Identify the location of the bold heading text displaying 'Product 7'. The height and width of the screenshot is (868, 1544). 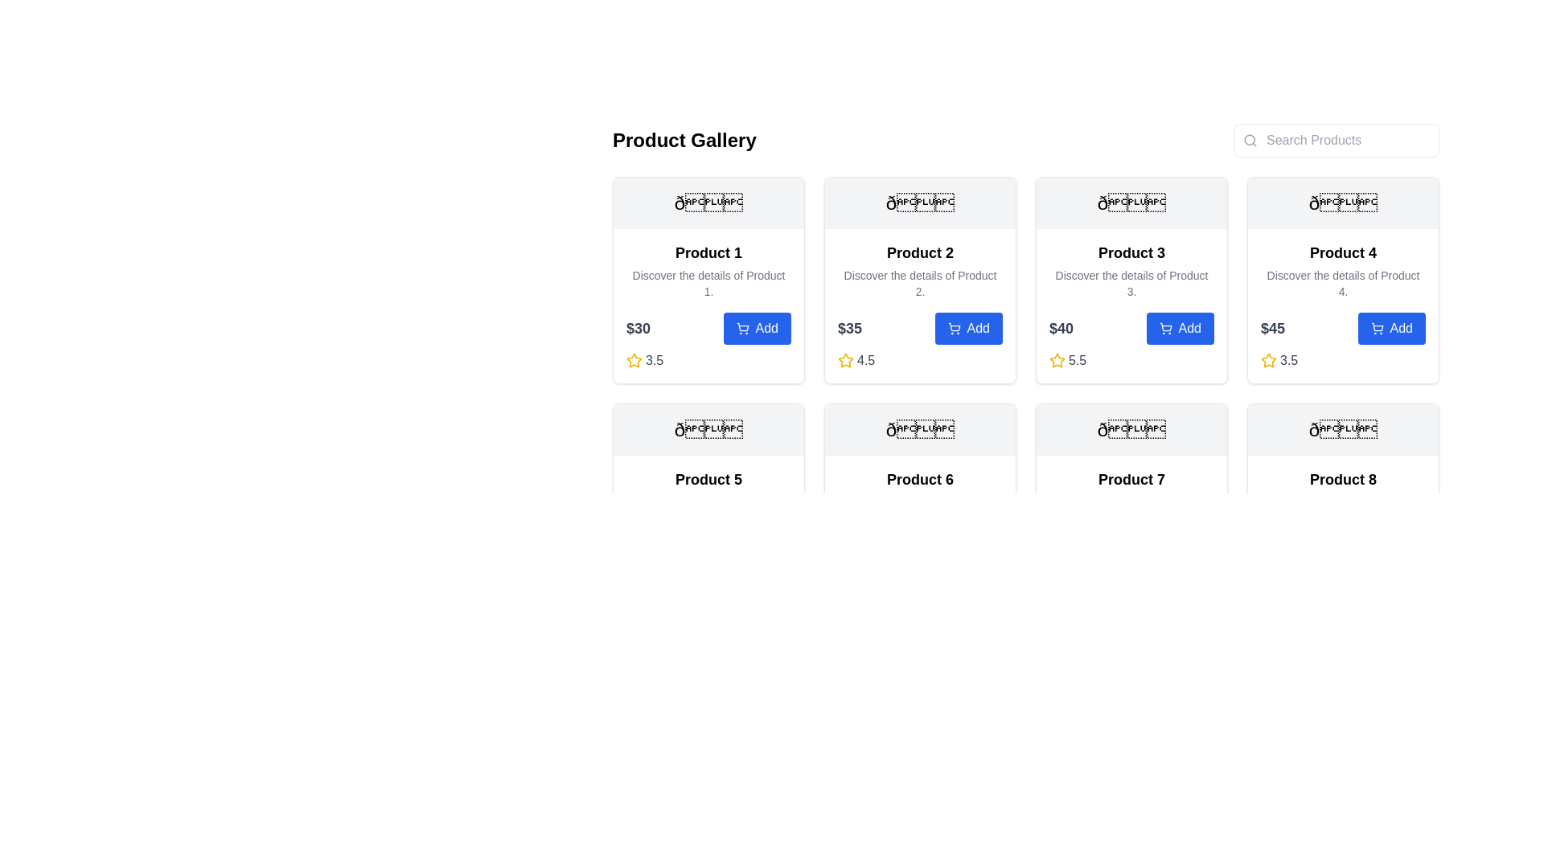
(1131, 479).